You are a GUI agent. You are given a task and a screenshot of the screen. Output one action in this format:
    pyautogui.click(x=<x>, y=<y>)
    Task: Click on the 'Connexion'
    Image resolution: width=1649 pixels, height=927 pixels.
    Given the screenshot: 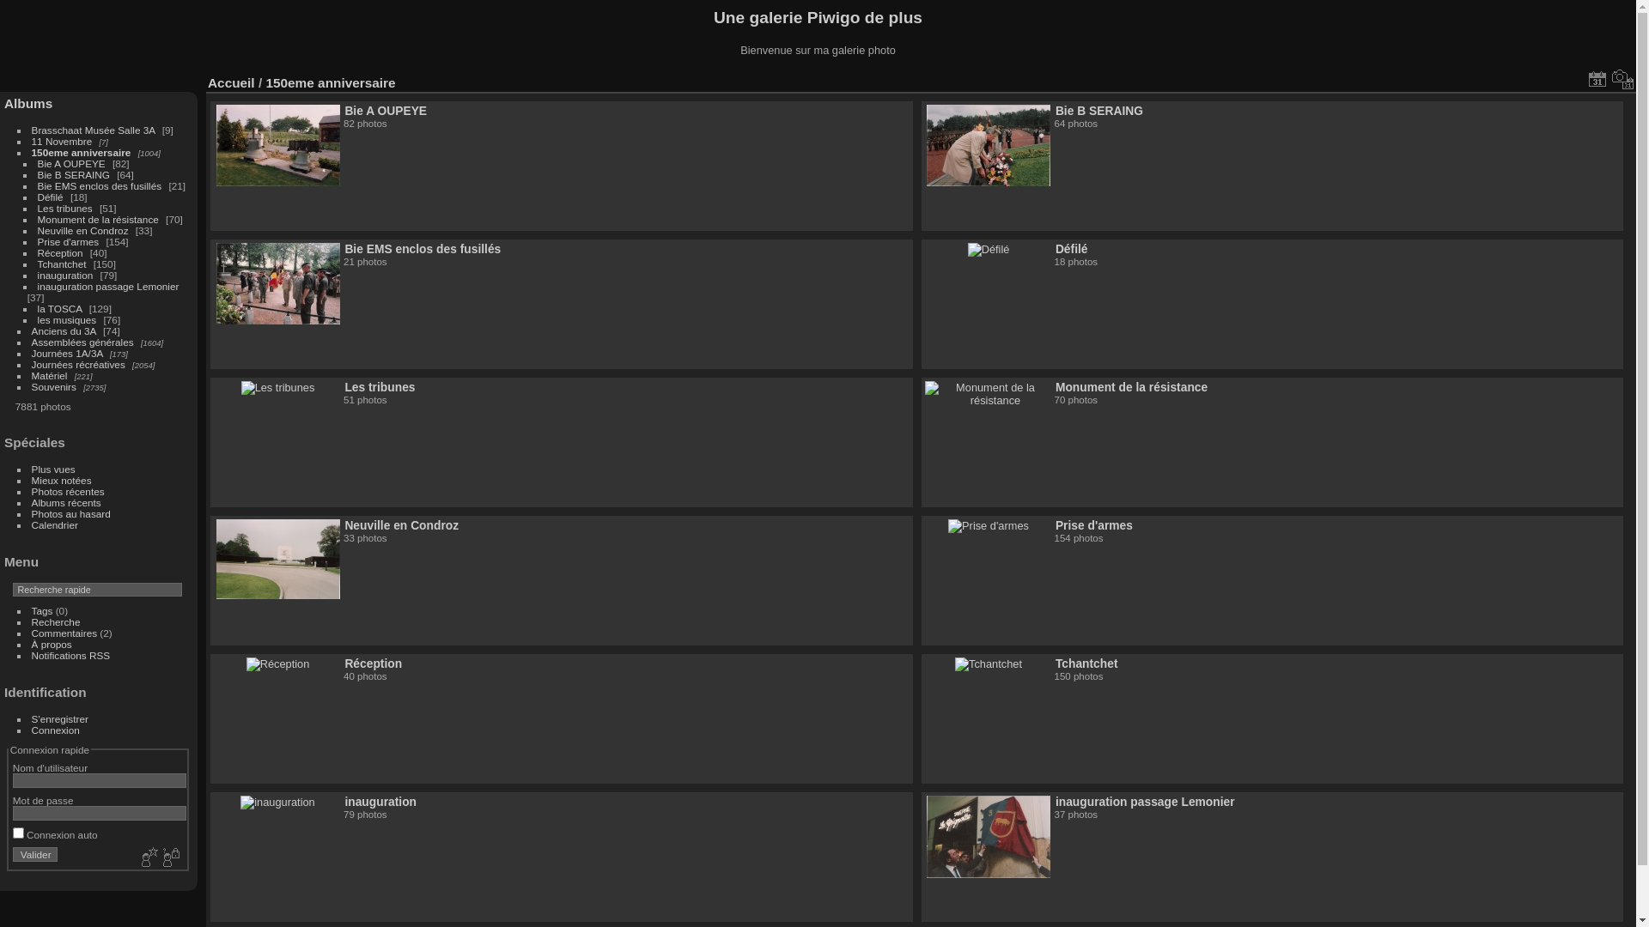 What is the action you would take?
    pyautogui.click(x=56, y=730)
    